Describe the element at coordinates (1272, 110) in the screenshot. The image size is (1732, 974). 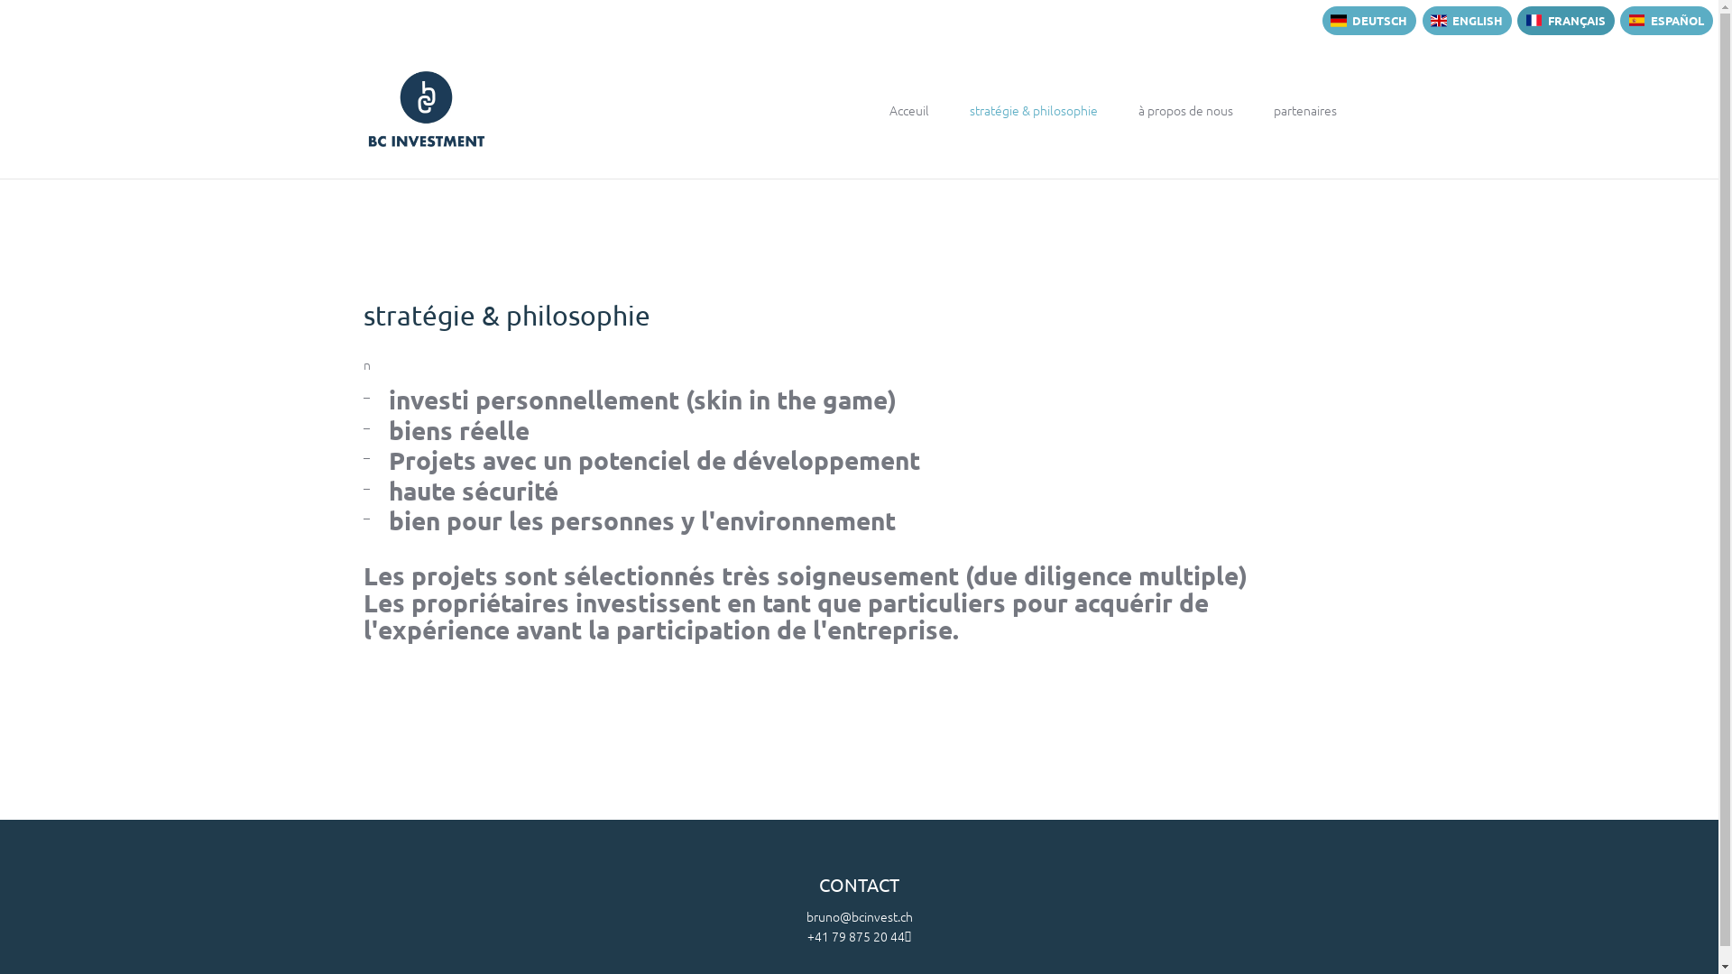
I see `'partenaires'` at that location.